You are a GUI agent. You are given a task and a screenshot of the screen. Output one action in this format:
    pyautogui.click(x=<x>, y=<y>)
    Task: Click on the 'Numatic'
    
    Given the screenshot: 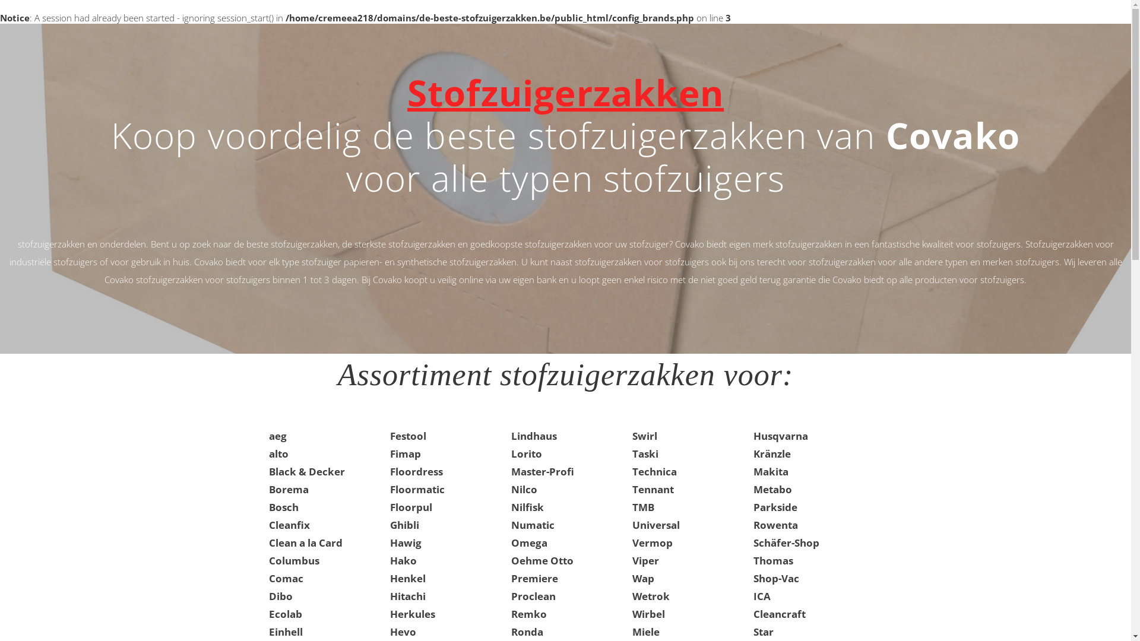 What is the action you would take?
    pyautogui.click(x=510, y=524)
    